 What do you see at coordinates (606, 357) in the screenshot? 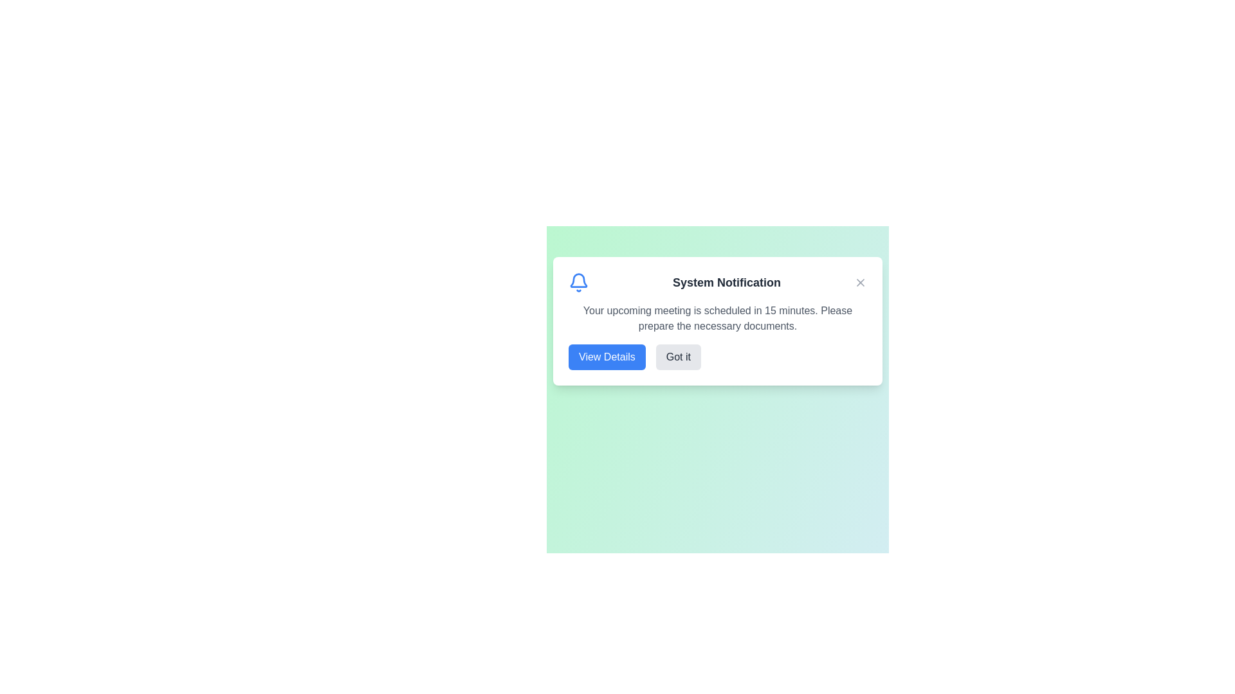
I see `the 'View Details' button` at bounding box center [606, 357].